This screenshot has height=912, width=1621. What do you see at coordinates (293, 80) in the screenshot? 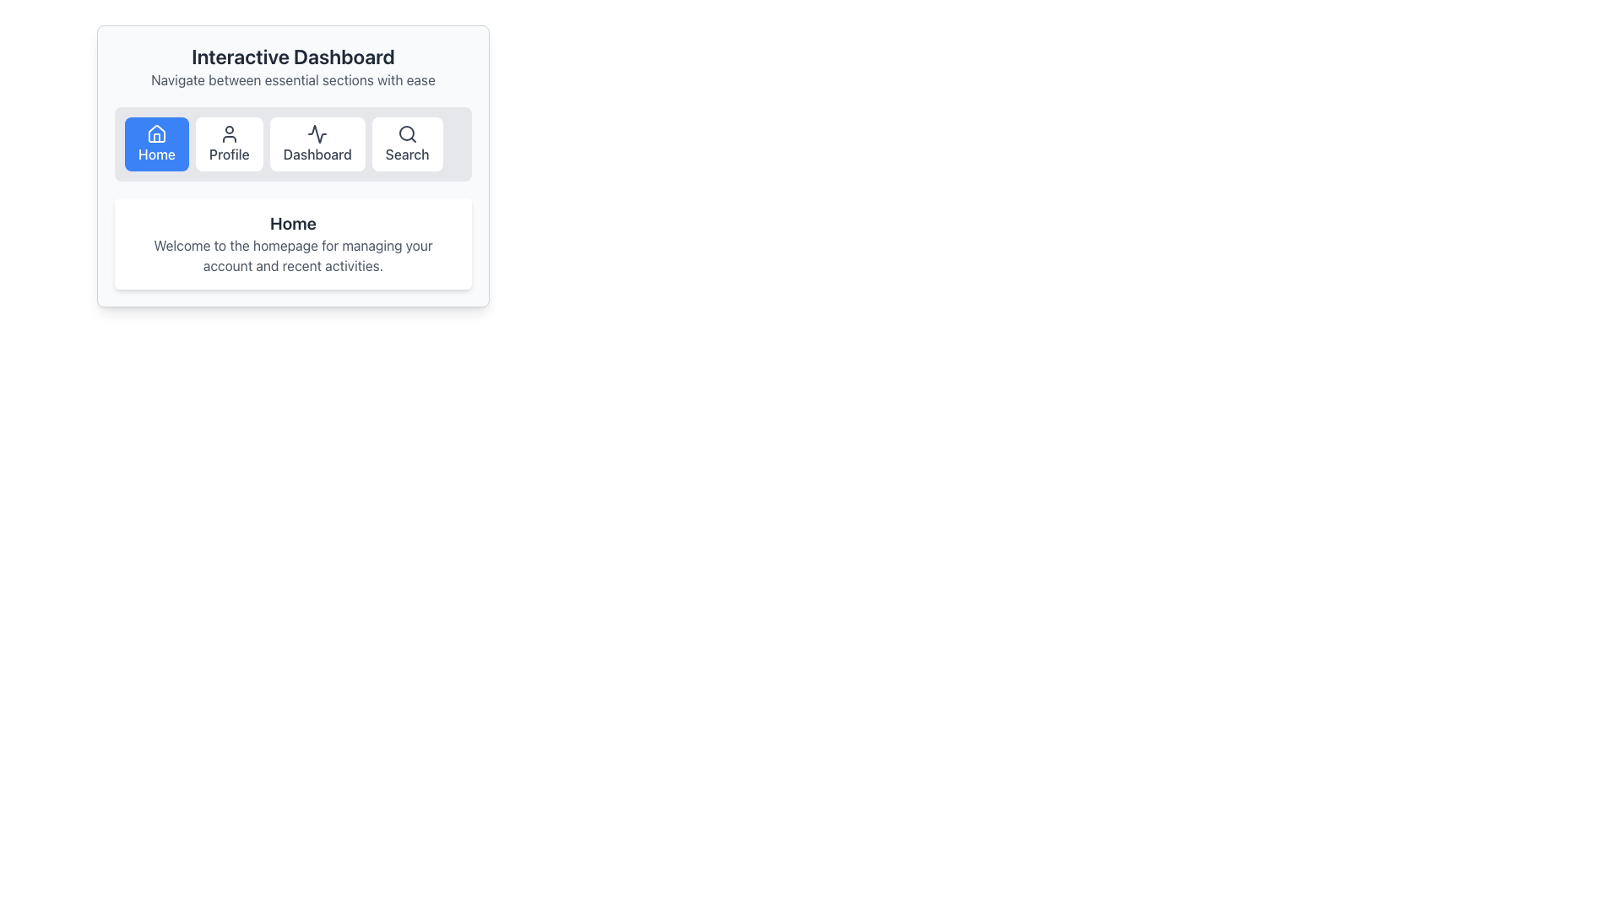
I see `the textual phrase 'Navigate between essential sections with ease', which is styled in a small, light gray font and positioned directly below the bold title 'Interactive Dashboard'` at bounding box center [293, 80].